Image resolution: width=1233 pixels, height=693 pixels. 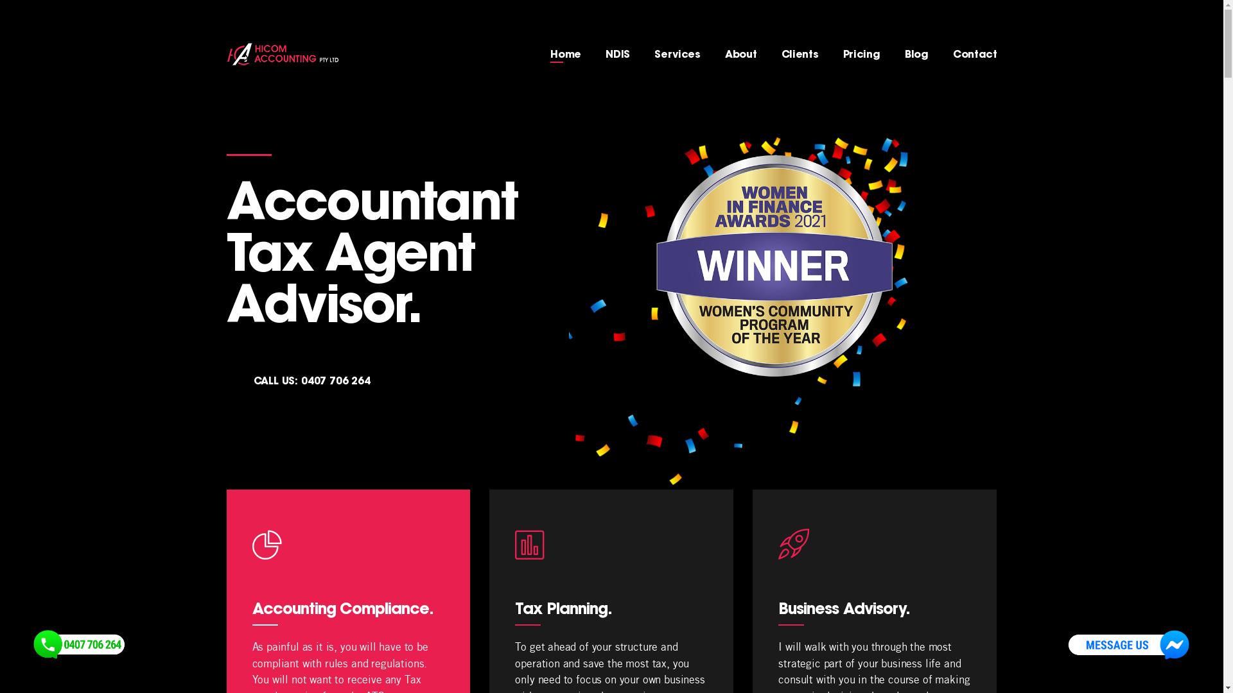 What do you see at coordinates (676, 54) in the screenshot?
I see `'Services'` at bounding box center [676, 54].